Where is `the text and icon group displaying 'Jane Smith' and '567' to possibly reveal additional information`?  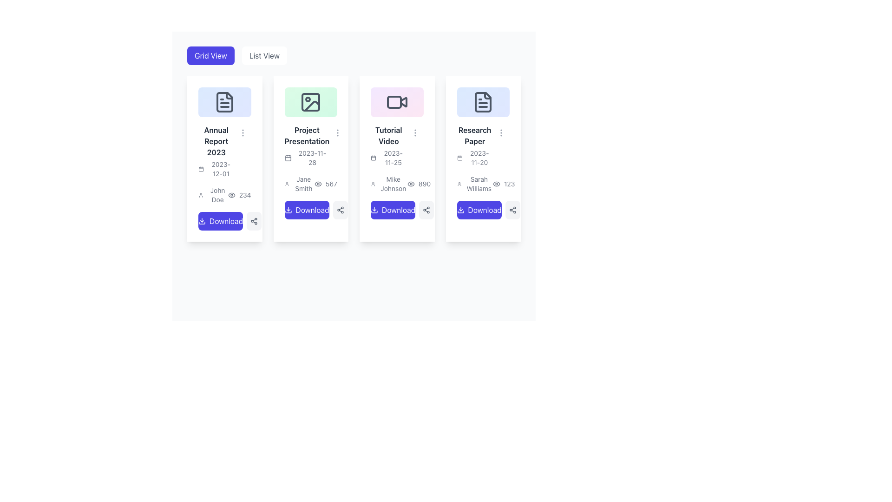
the text and icon group displaying 'Jane Smith' and '567' to possibly reveal additional information is located at coordinates (311, 184).